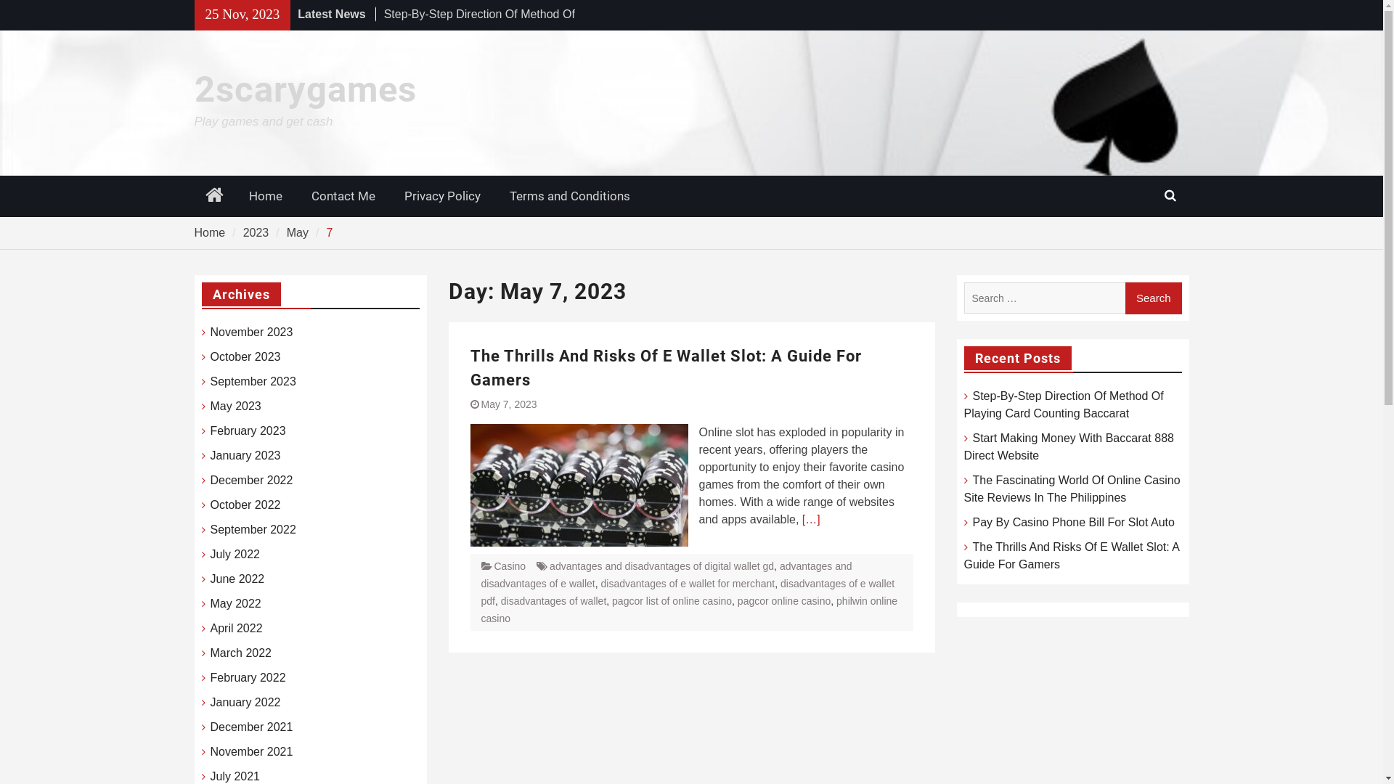  Describe the element at coordinates (209, 232) in the screenshot. I see `'Home'` at that location.